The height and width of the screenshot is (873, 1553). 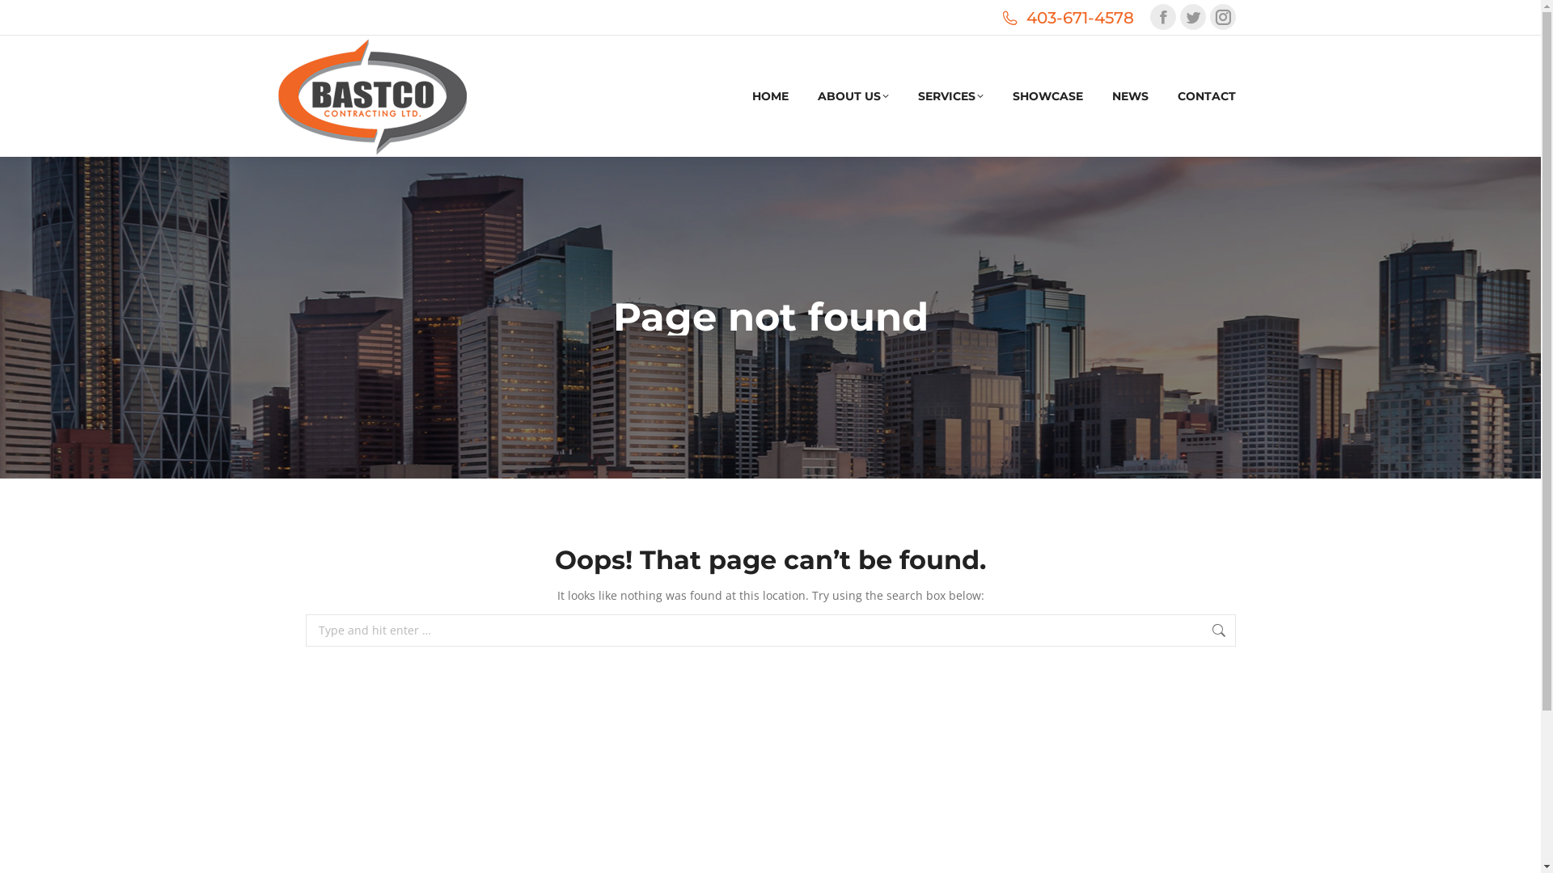 What do you see at coordinates (1110, 96) in the screenshot?
I see `'NEWS'` at bounding box center [1110, 96].